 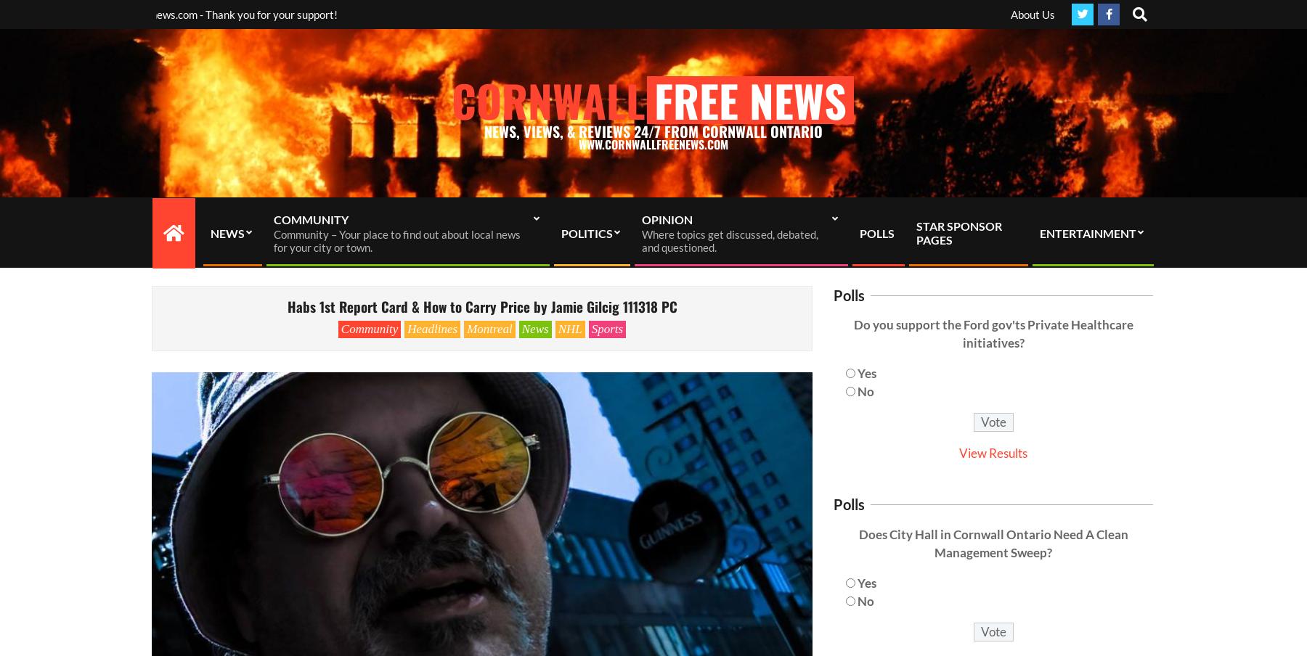 What do you see at coordinates (432, 328) in the screenshot?
I see `'Headlines'` at bounding box center [432, 328].